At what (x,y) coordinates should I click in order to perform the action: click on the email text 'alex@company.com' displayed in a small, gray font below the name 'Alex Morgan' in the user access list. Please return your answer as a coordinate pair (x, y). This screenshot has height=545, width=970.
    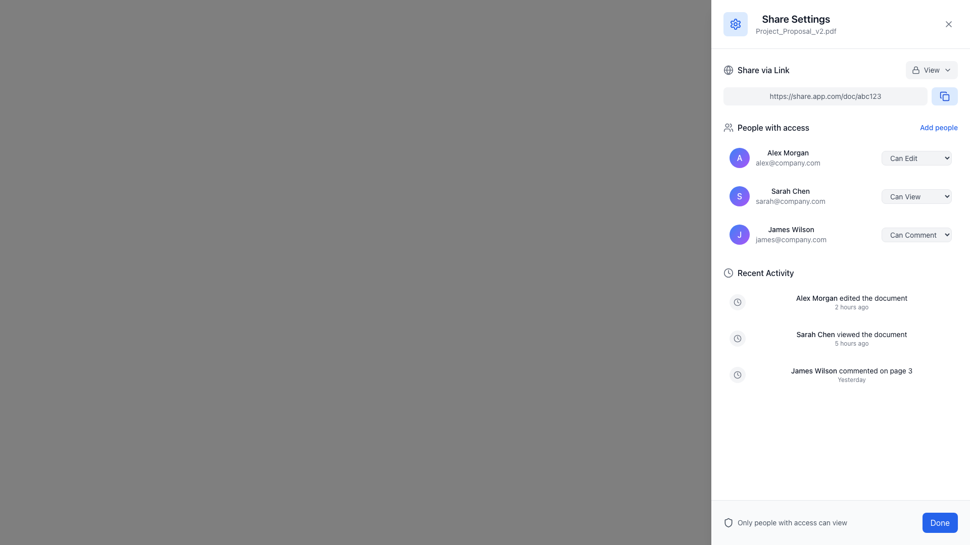
    Looking at the image, I should click on (788, 162).